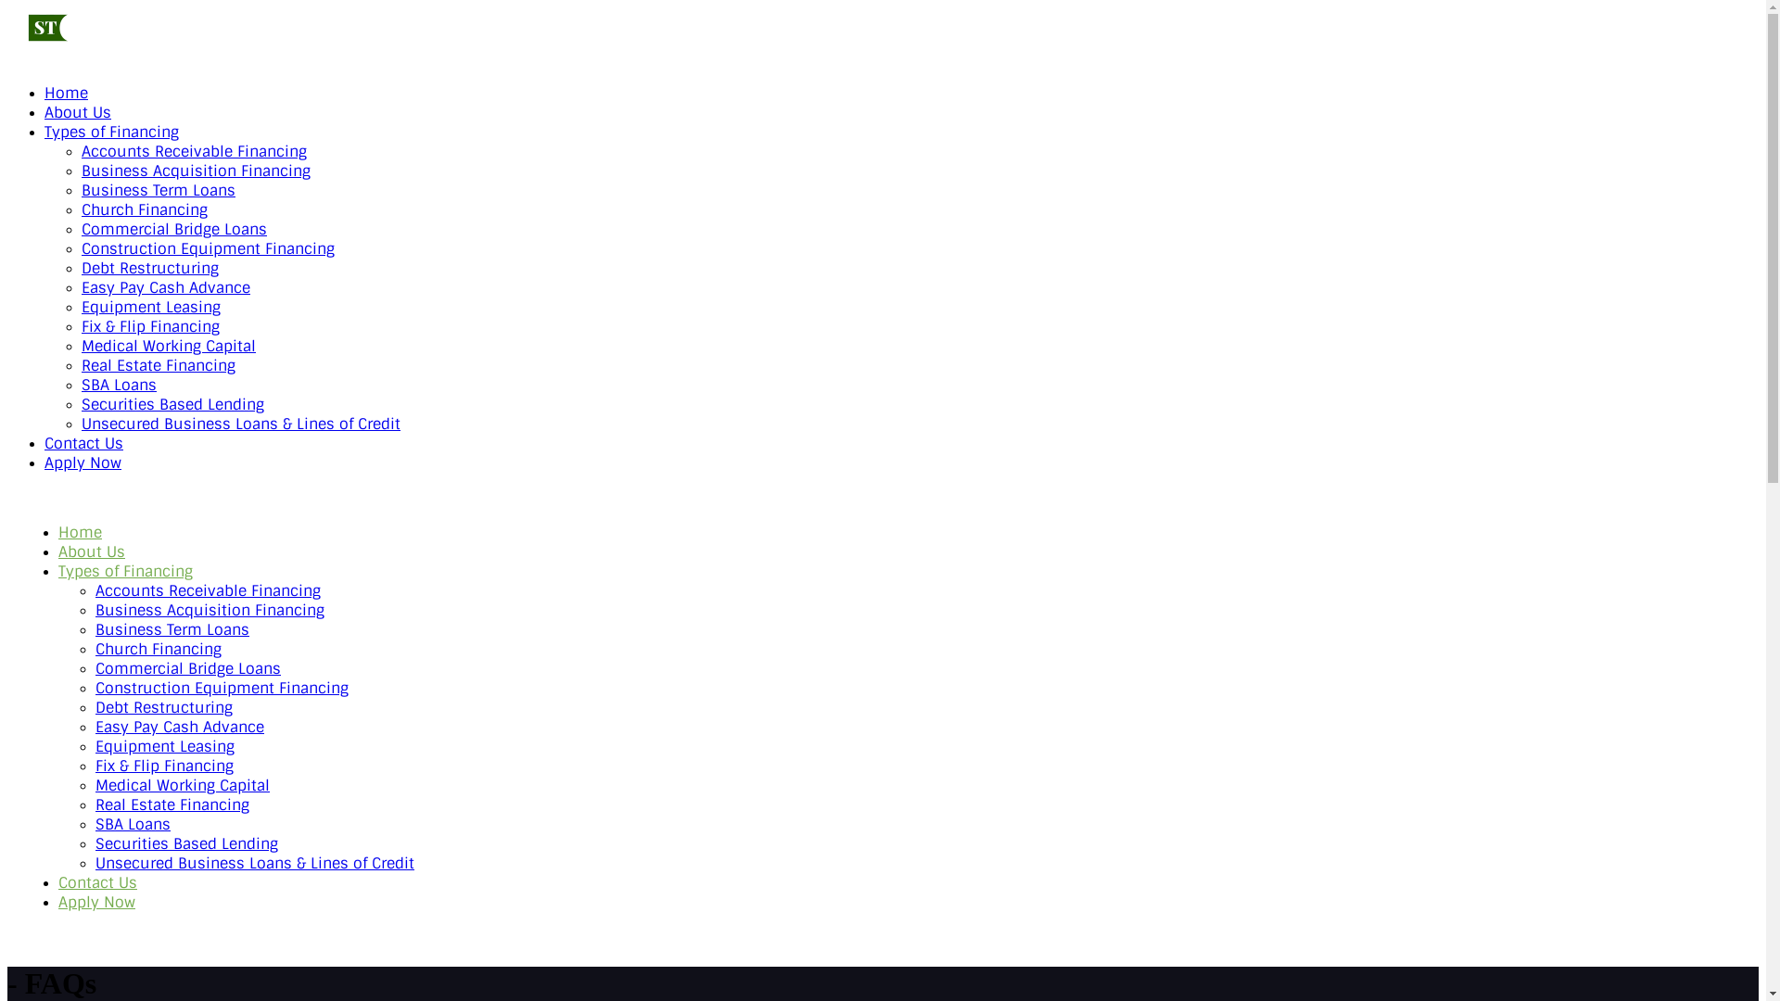 Image resolution: width=1780 pixels, height=1001 pixels. I want to click on 'Contact Us', so click(83, 443).